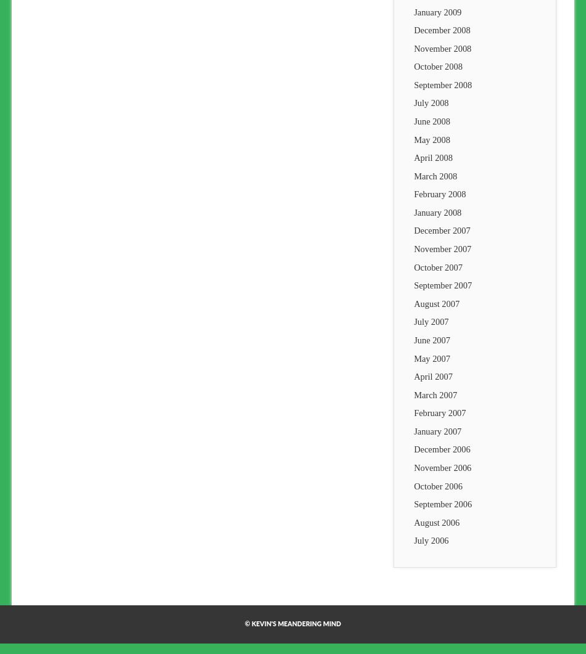 The height and width of the screenshot is (654, 586). I want to click on 'June 2008', so click(413, 121).